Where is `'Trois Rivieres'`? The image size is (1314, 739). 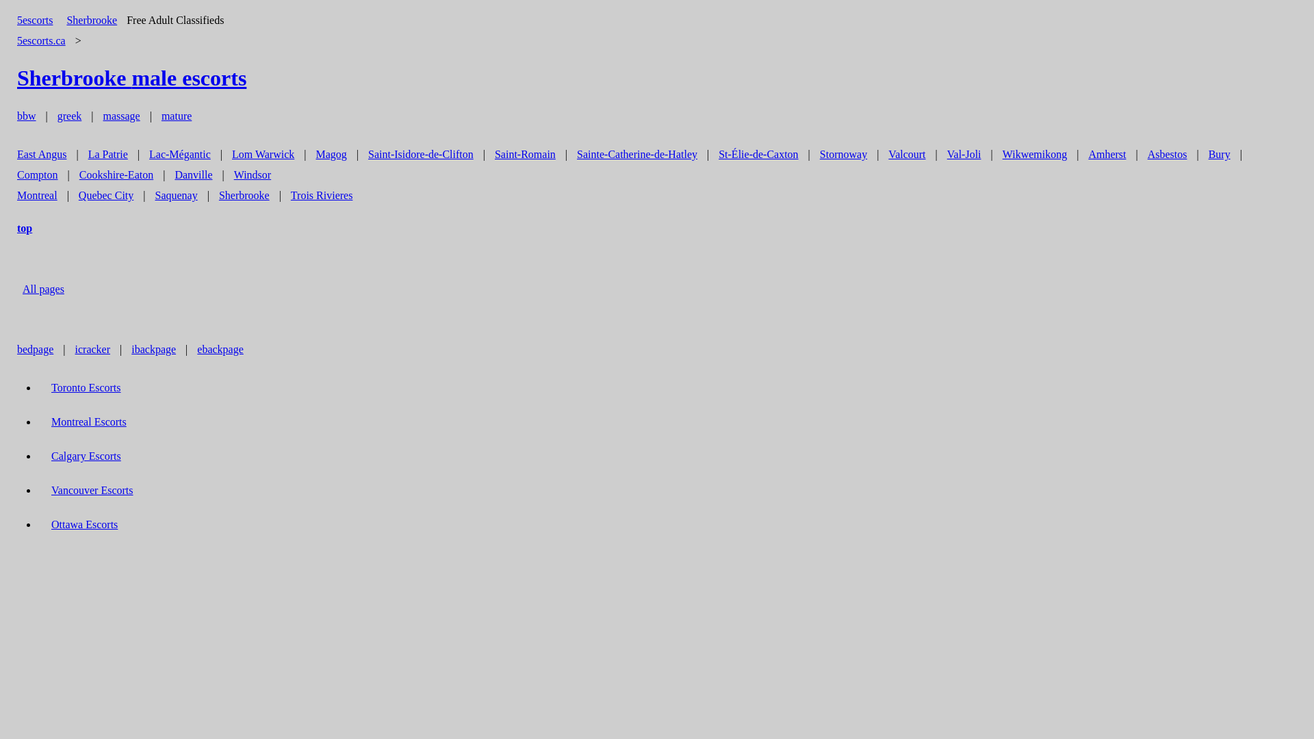 'Trois Rivieres' is located at coordinates (321, 195).